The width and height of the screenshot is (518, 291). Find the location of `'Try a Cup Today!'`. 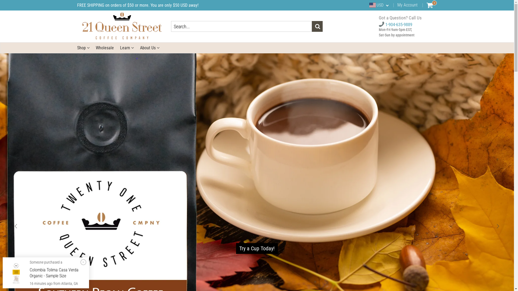

'Try a Cup Today!' is located at coordinates (236, 248).